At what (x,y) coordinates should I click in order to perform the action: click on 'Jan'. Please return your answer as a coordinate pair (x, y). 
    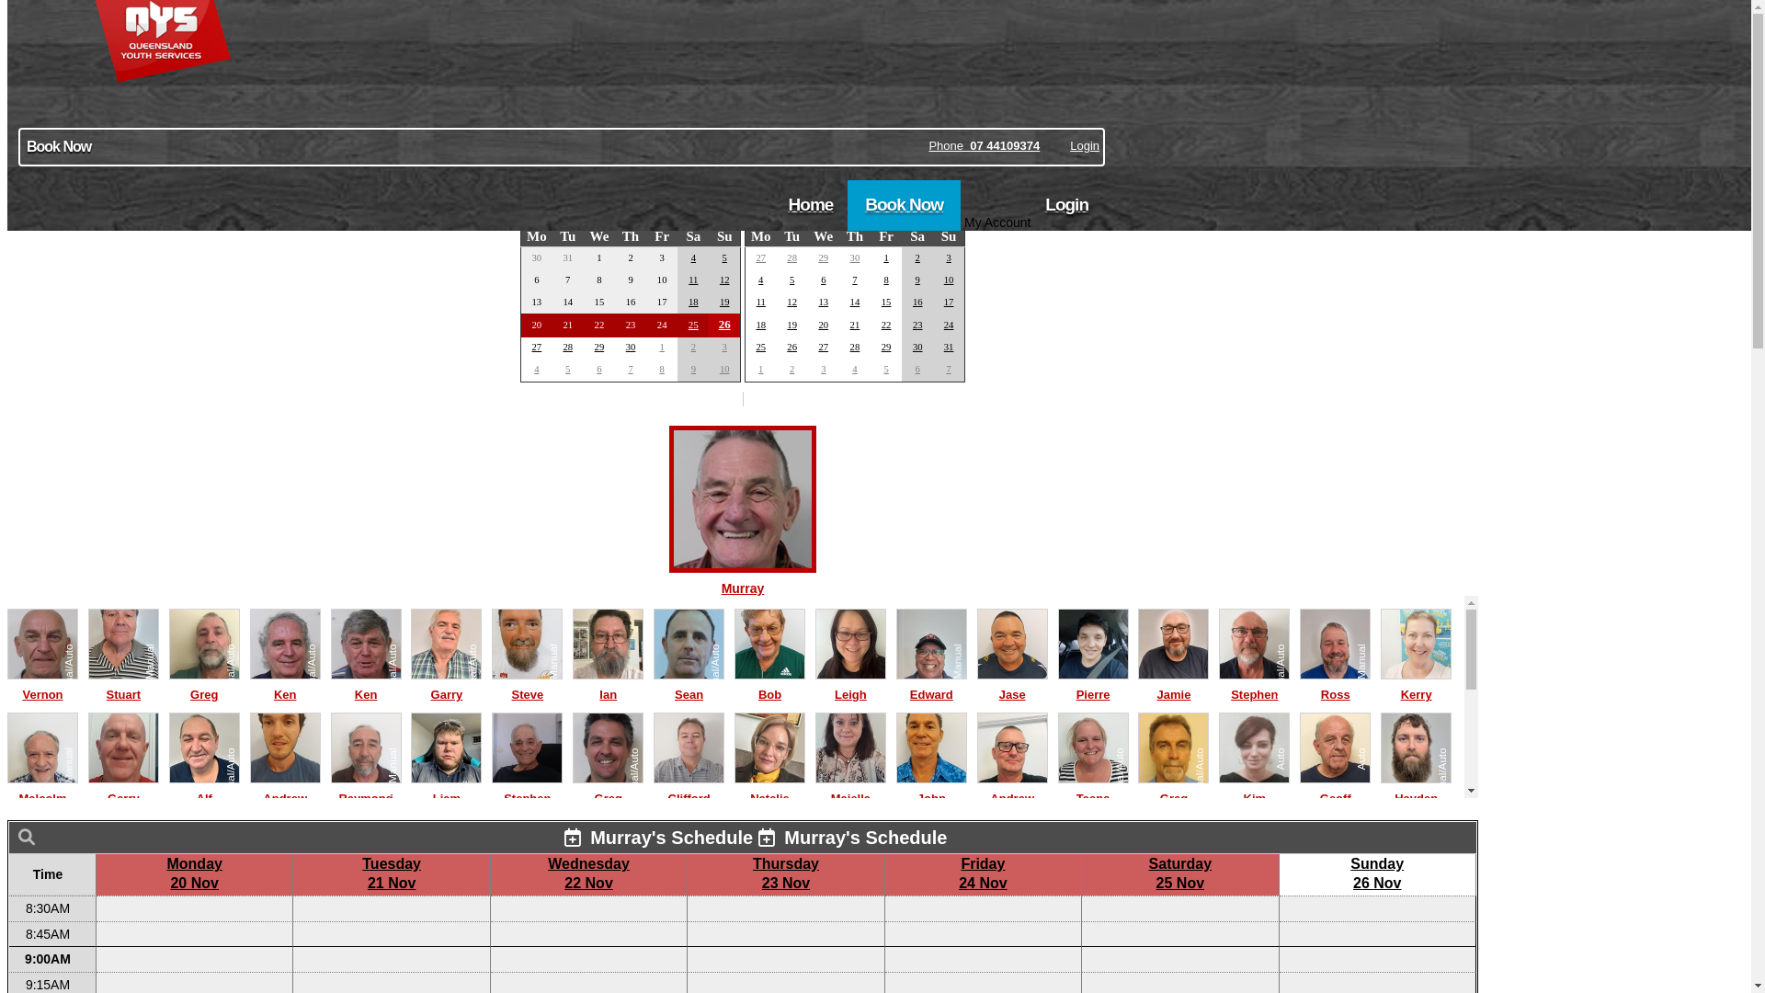
    Looking at the image, I should click on (952, 211).